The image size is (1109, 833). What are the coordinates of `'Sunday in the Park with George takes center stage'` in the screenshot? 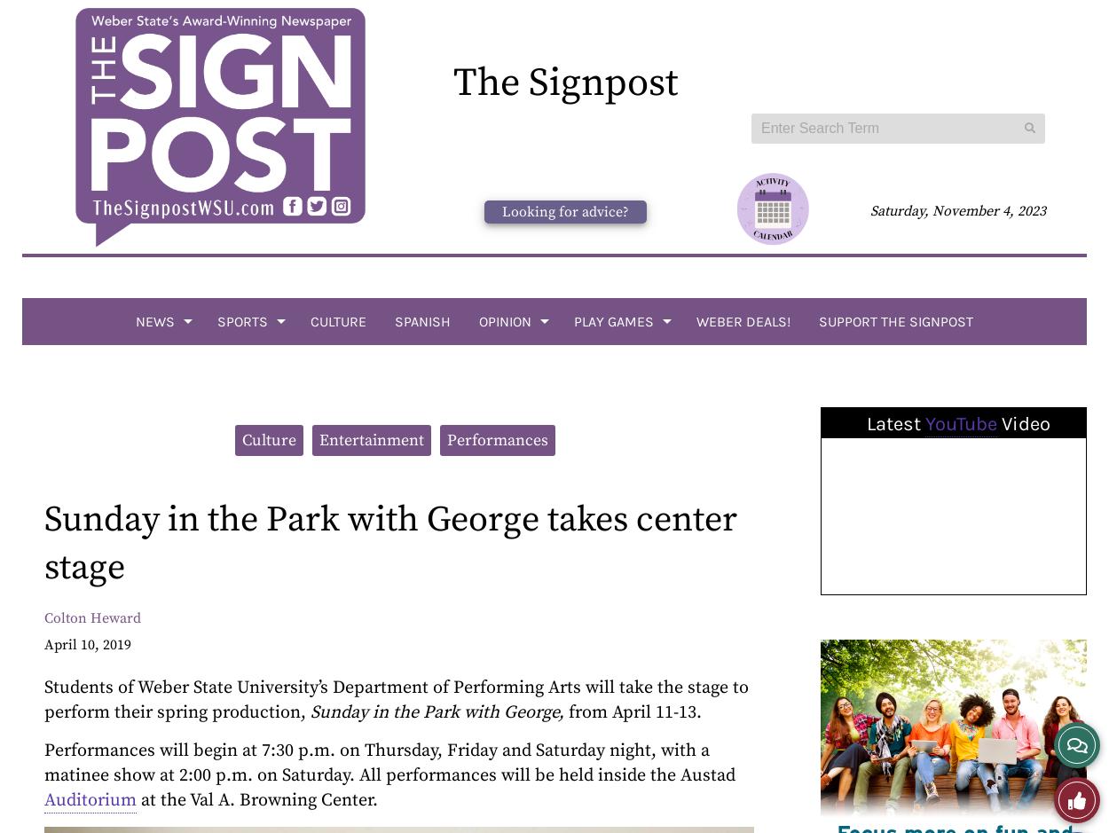 It's located at (389, 543).